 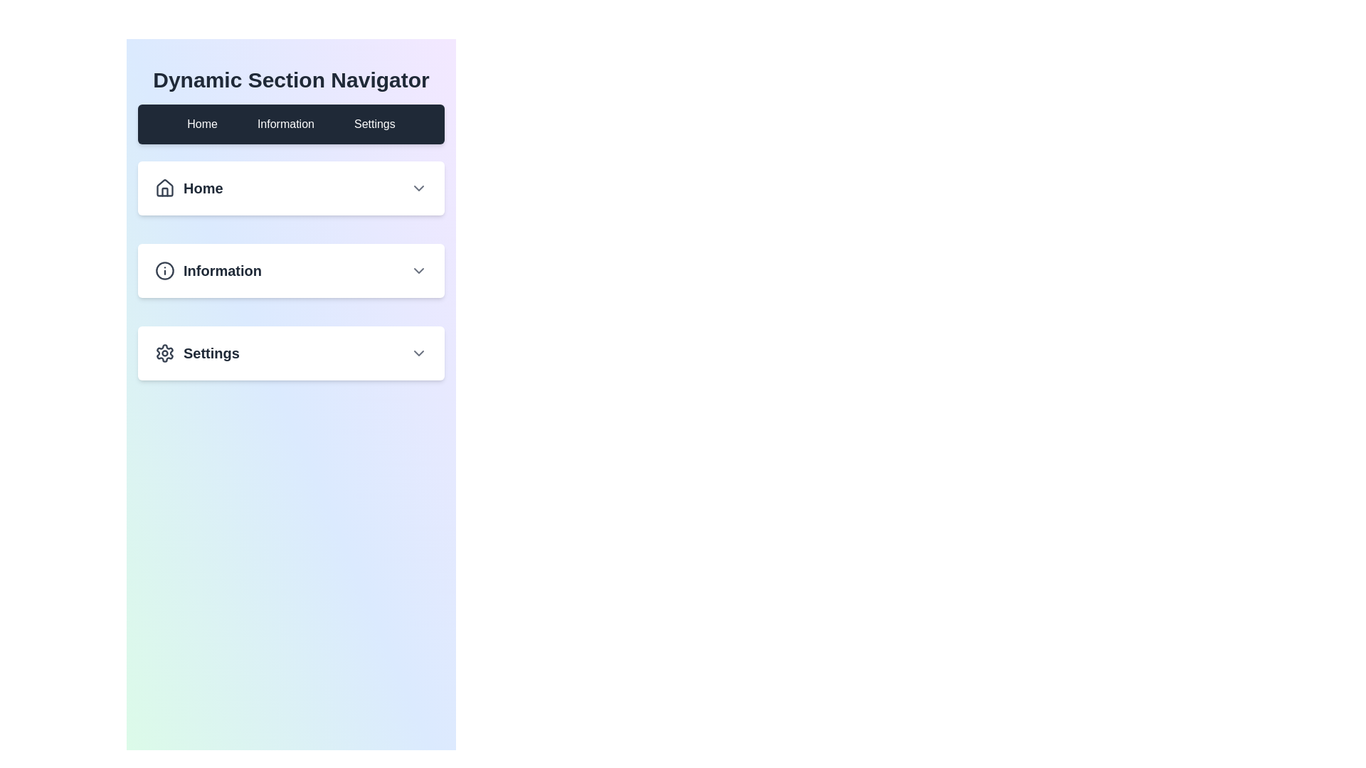 What do you see at coordinates (290, 271) in the screenshot?
I see `the dropdown toggle located between the 'Home' and 'Settings' sections in the Dynamic Section Navigator` at bounding box center [290, 271].